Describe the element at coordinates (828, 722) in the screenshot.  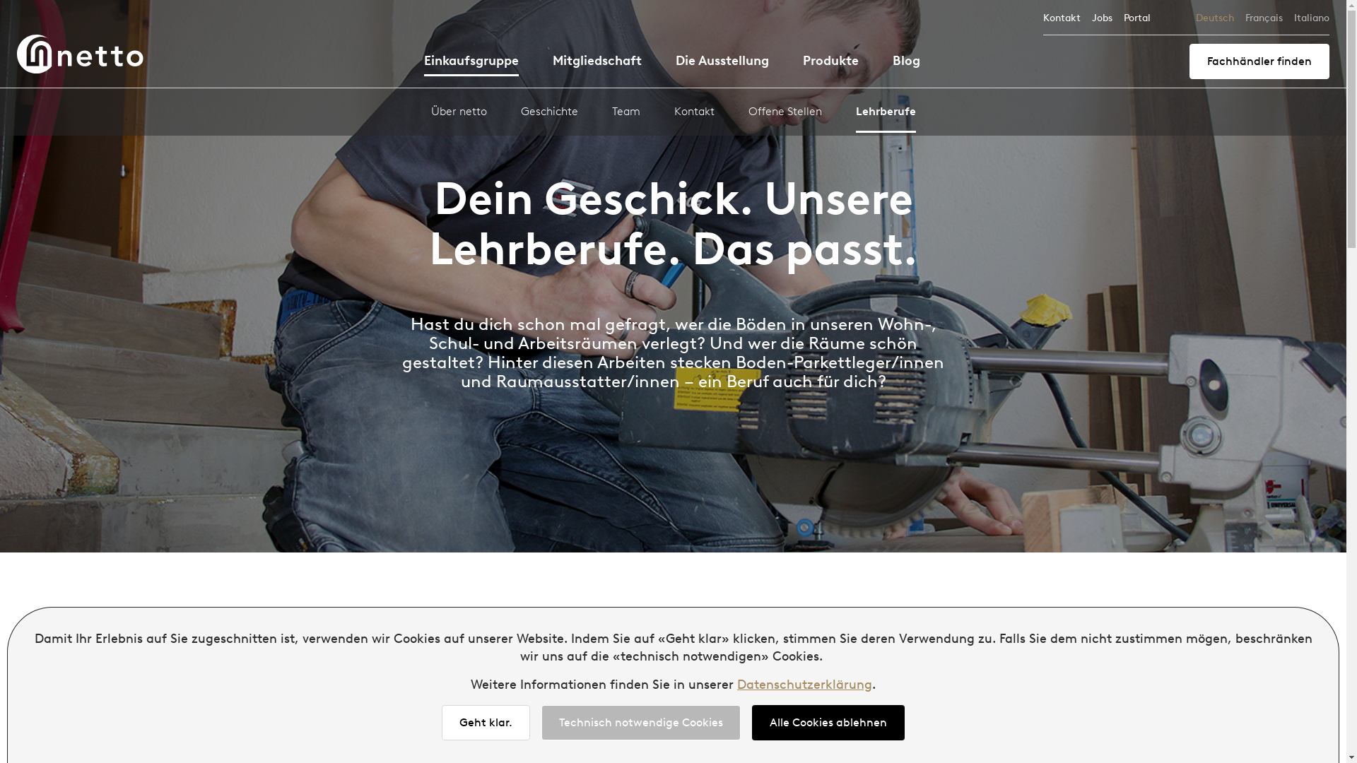
I see `'Alle Cookies ablehnen'` at that location.